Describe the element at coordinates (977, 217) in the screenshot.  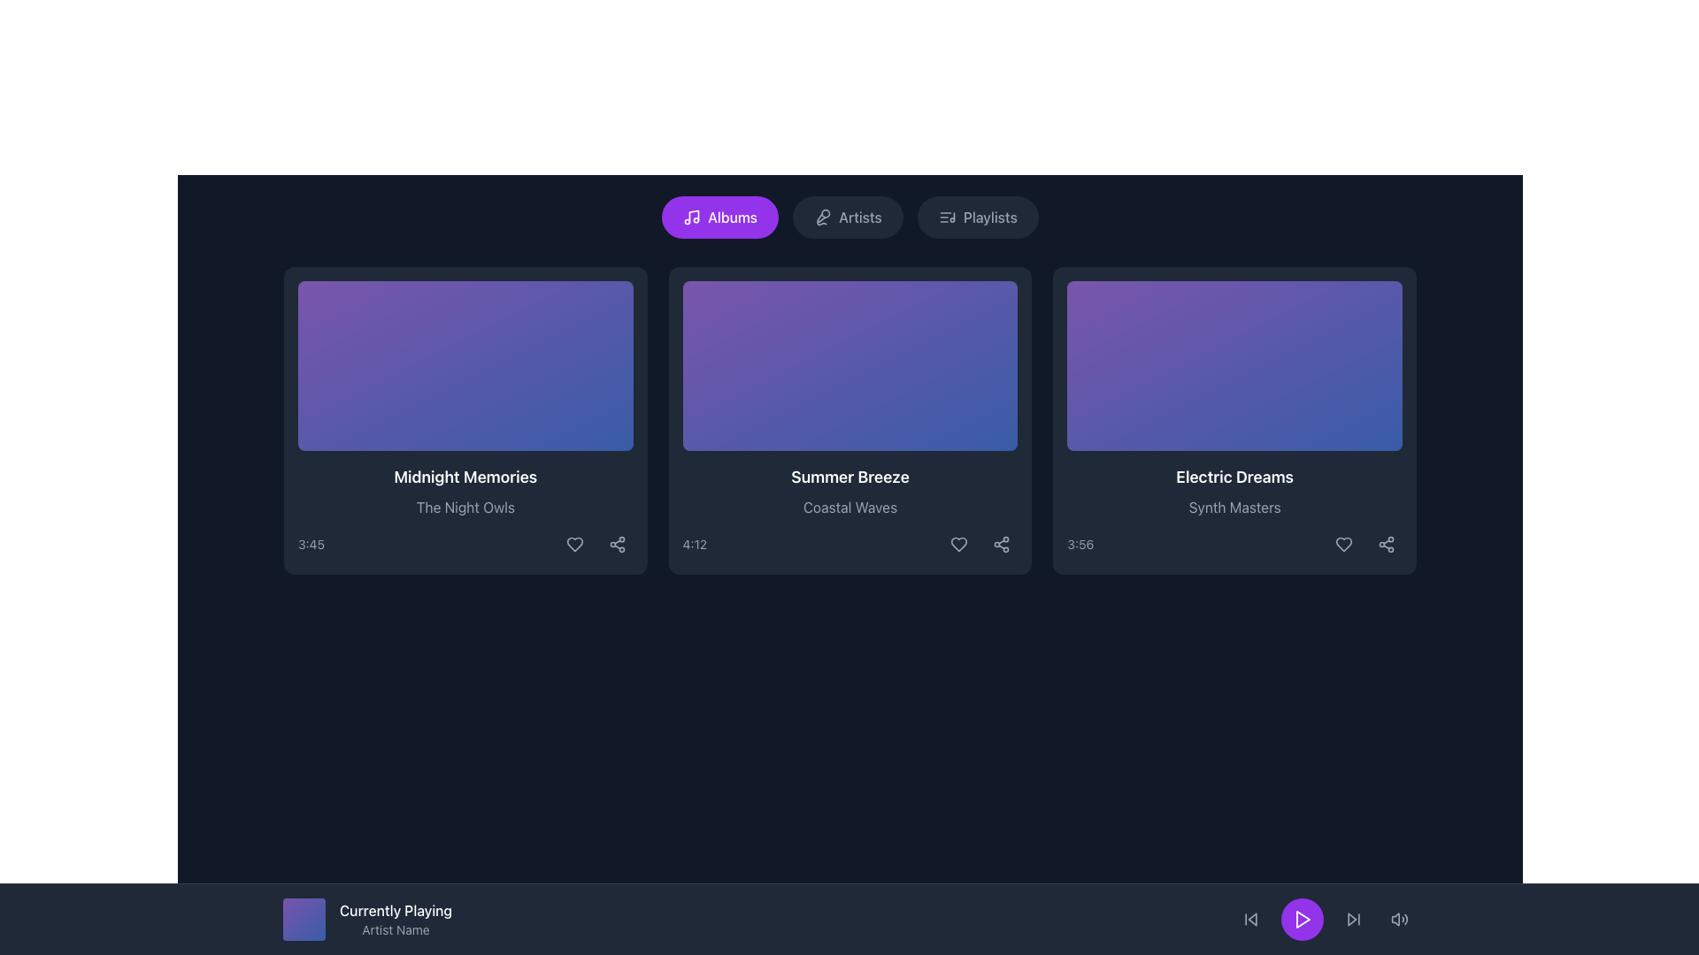
I see `the 'Playlists' button, which is the third button in a horizontal row with a dark background and a music list icon` at that location.